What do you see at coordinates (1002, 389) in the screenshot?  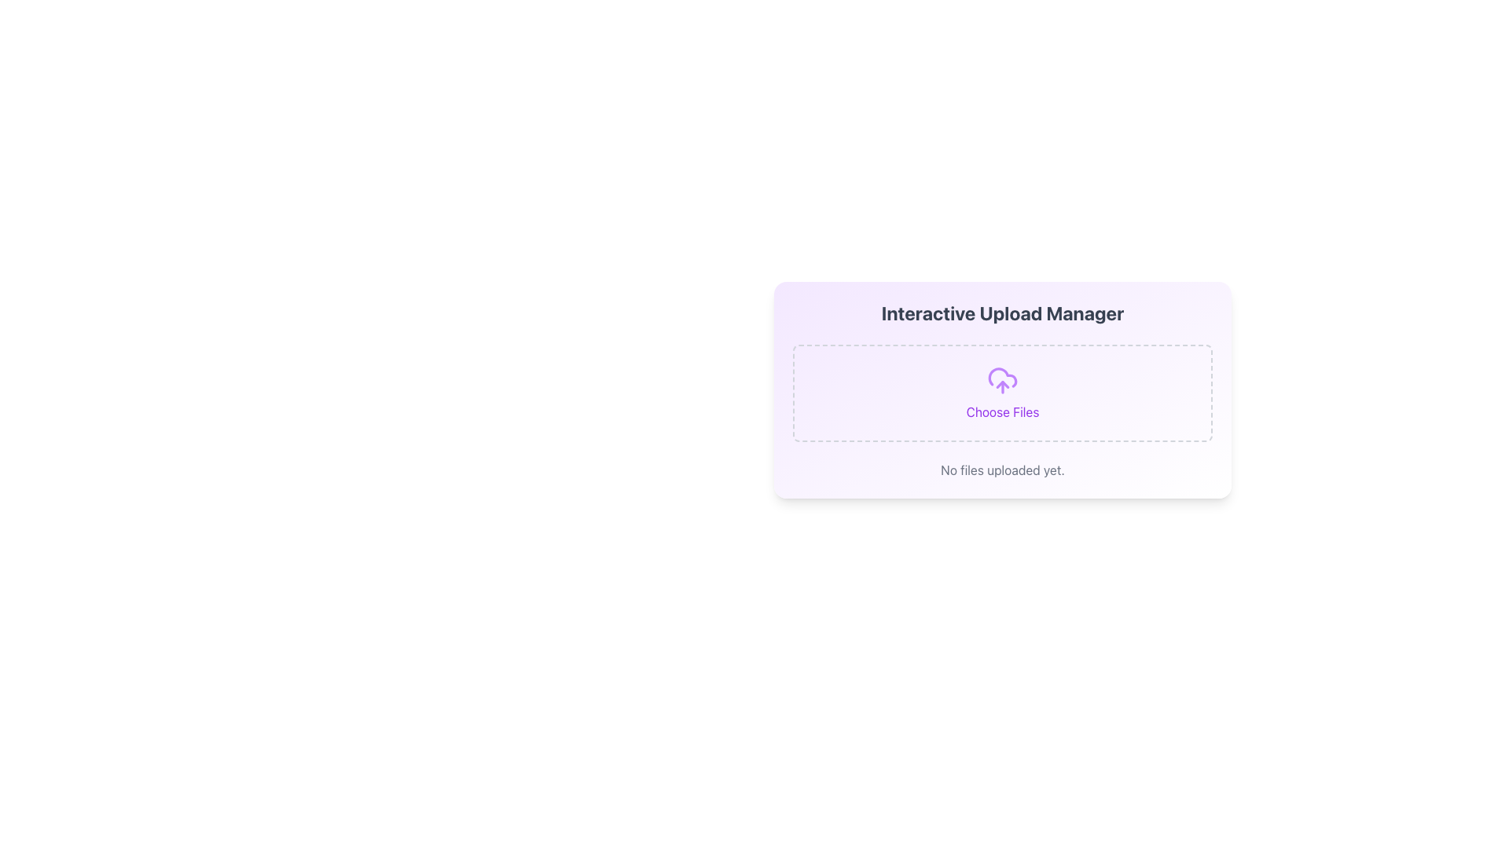 I see `the Interactive Upload Manager component` at bounding box center [1002, 389].